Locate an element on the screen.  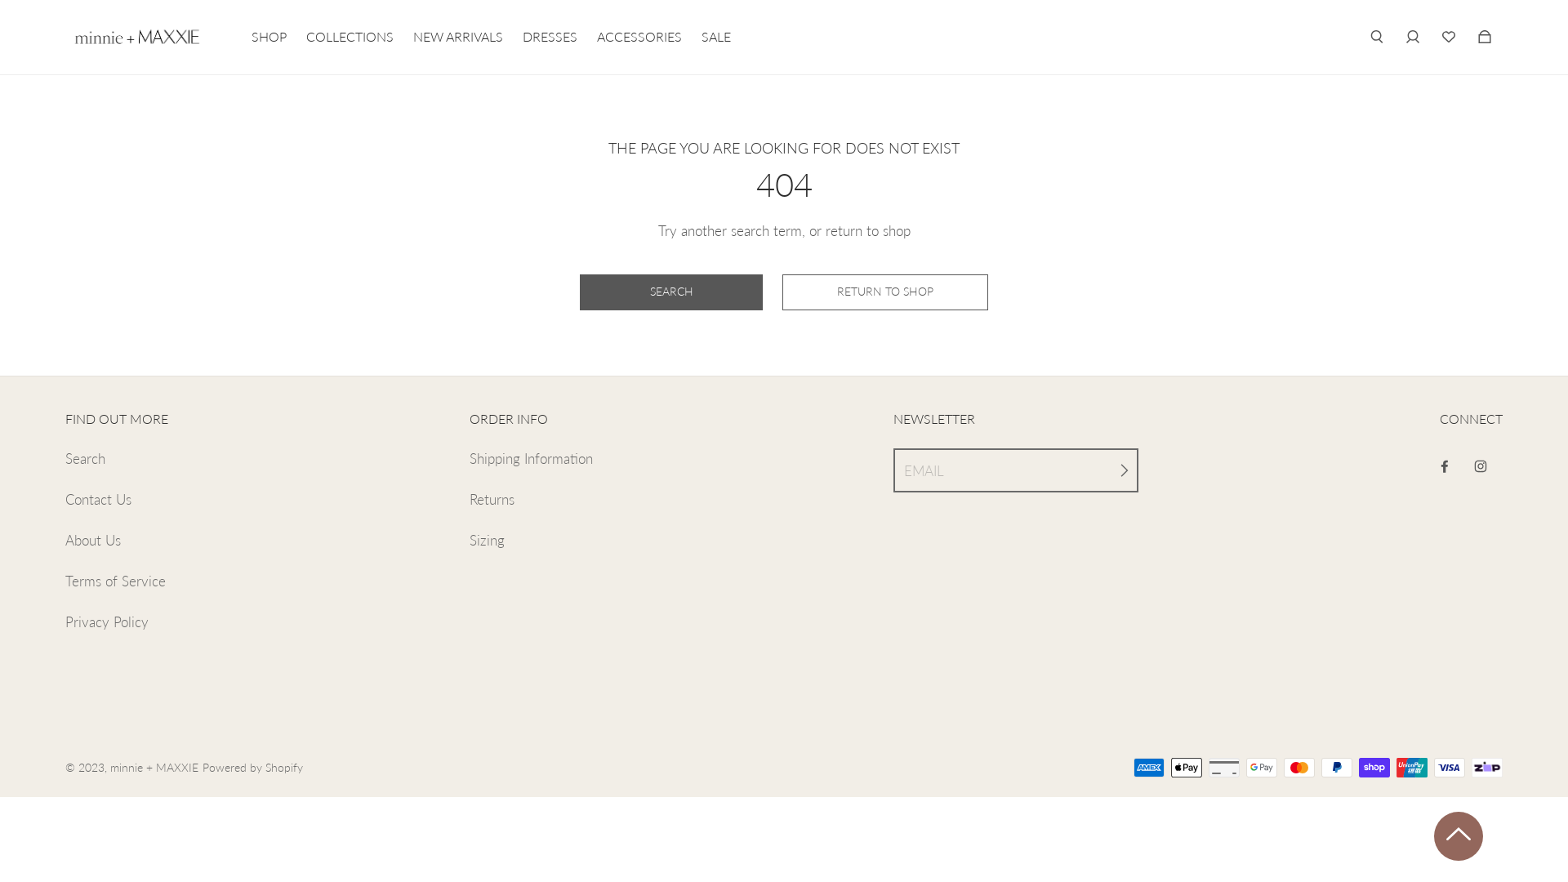
'RETURN TO SHOP' is located at coordinates (884, 292).